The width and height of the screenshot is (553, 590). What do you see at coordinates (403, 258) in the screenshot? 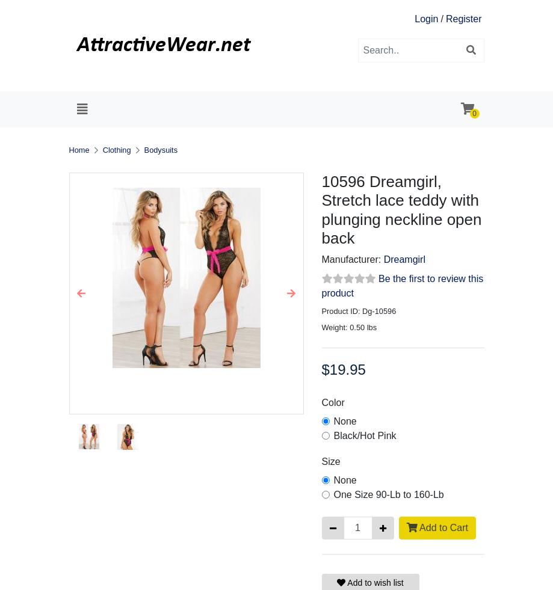
I see `'Dreamgirl'` at bounding box center [403, 258].